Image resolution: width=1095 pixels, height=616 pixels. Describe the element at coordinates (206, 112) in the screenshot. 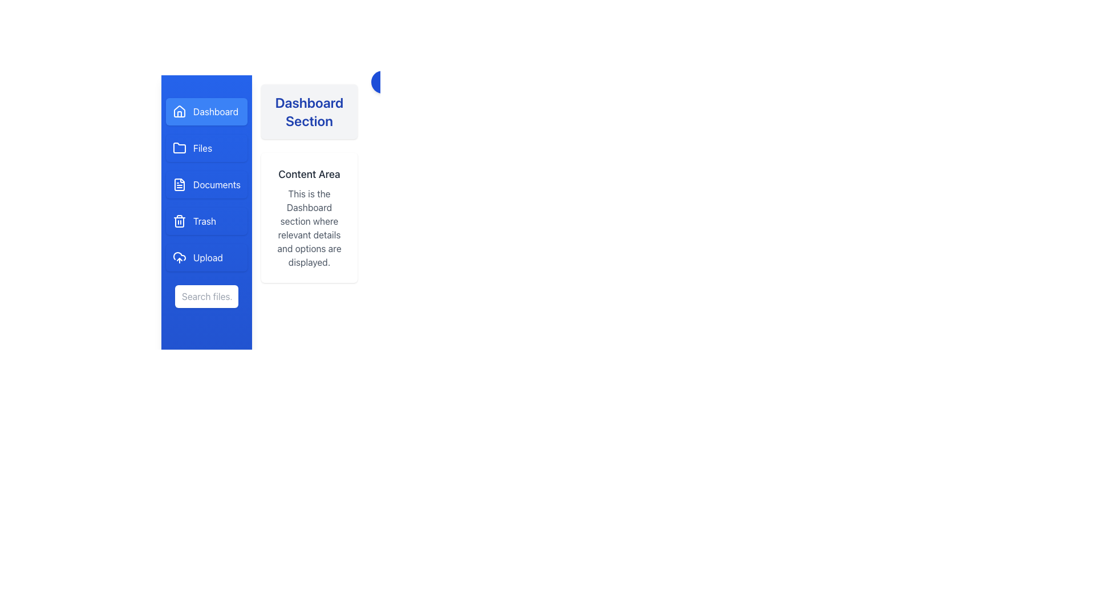

I see `the Dashboard button located at the top of the side navigation panel` at that location.